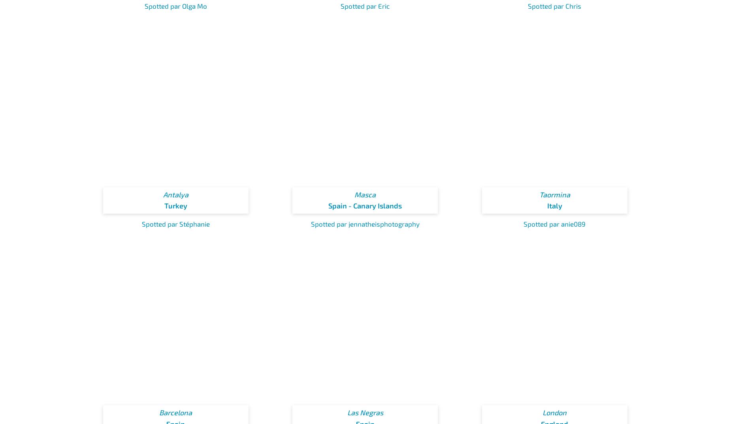  Describe the element at coordinates (175, 205) in the screenshot. I see `'Turkey'` at that location.